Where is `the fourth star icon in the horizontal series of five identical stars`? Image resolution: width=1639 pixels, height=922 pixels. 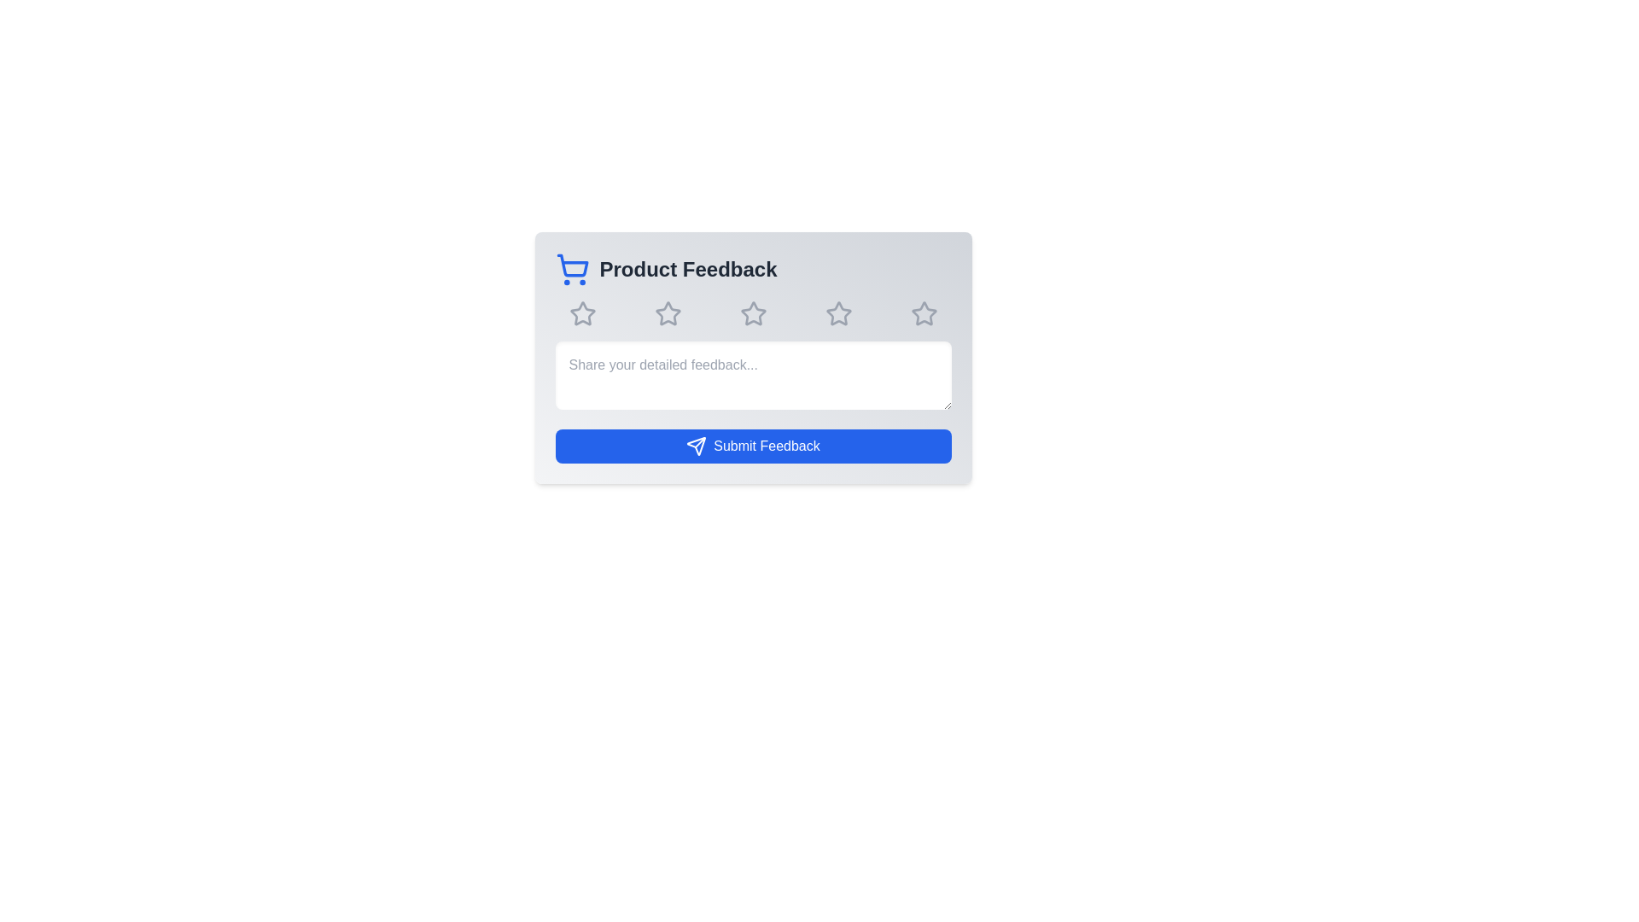 the fourth star icon in the horizontal series of five identical stars is located at coordinates (838, 313).